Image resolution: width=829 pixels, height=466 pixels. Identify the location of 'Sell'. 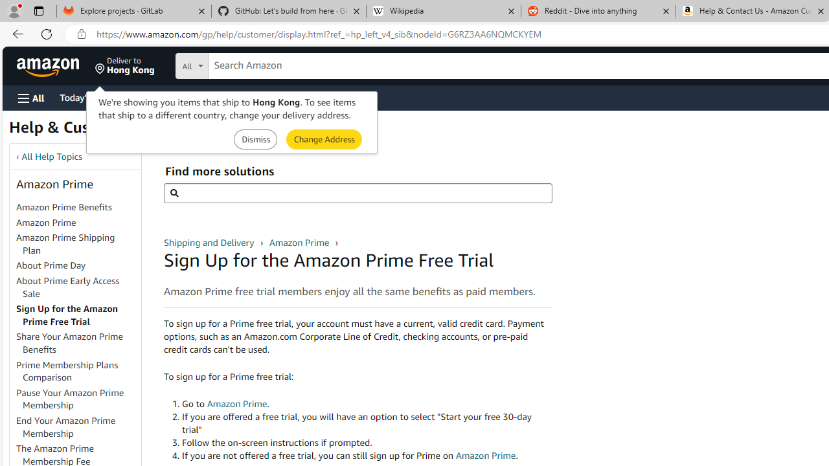
(330, 96).